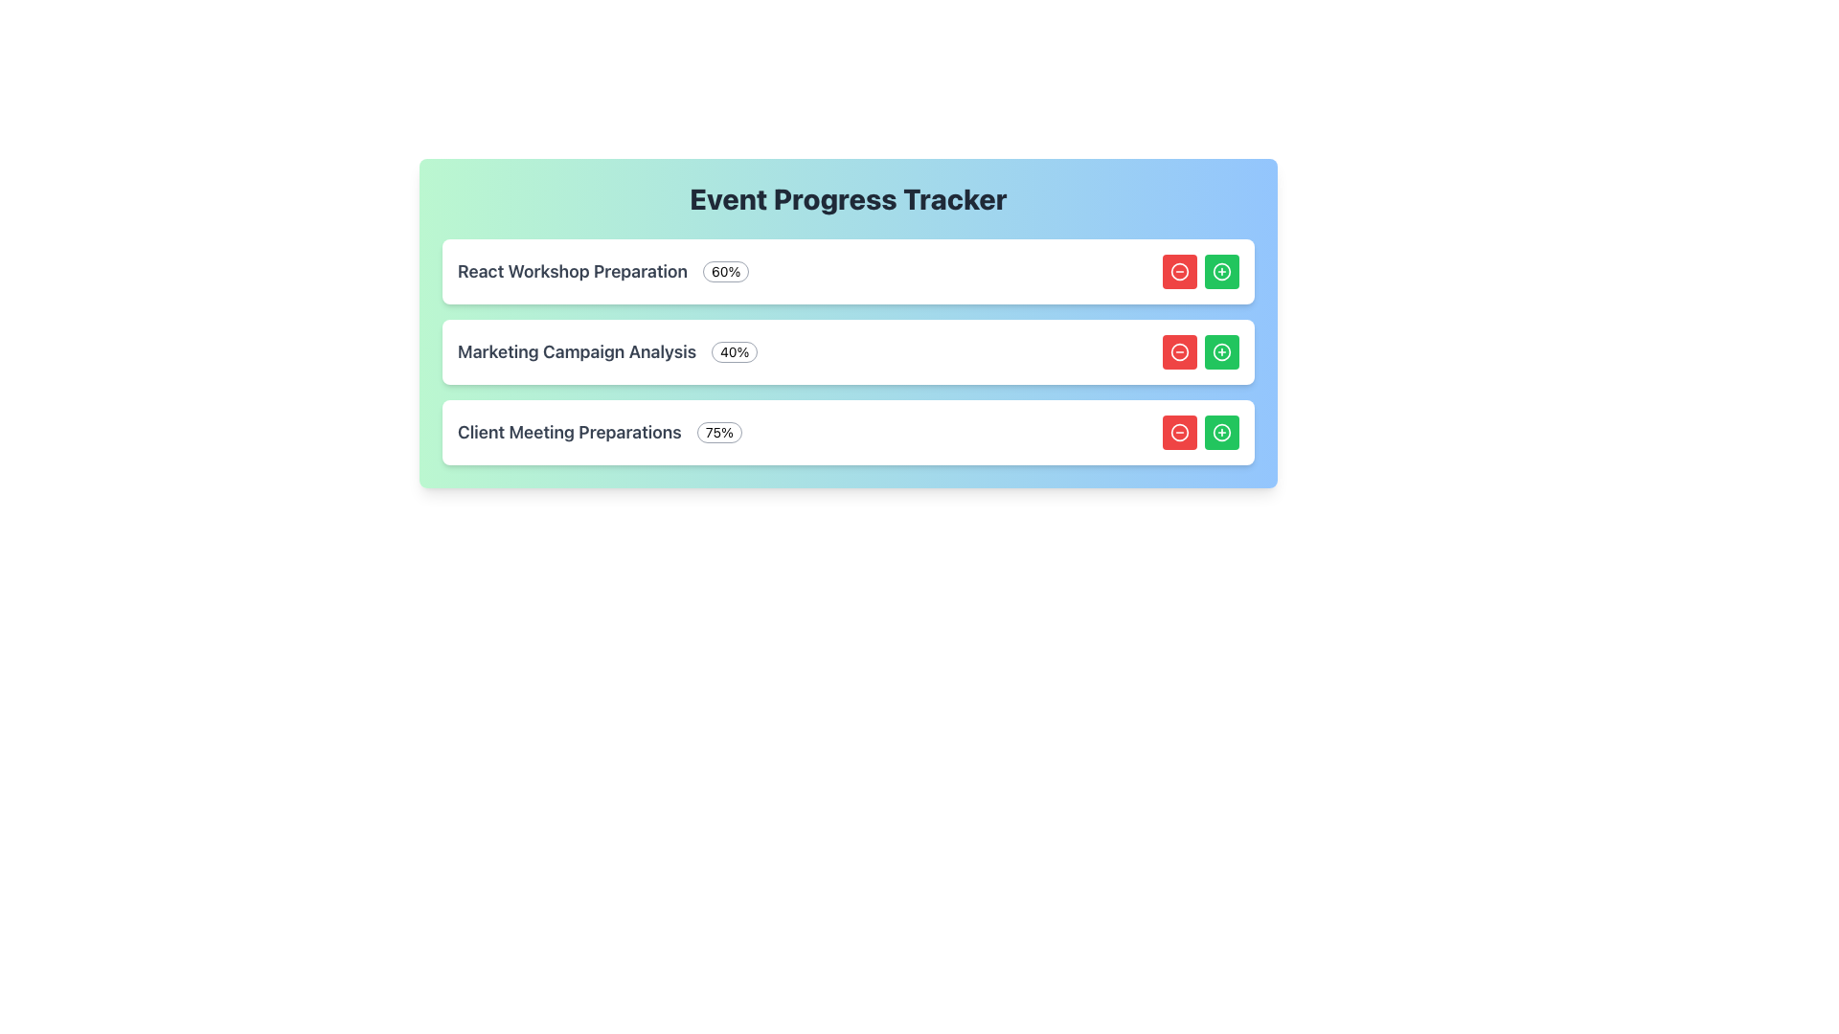 The height and width of the screenshot is (1034, 1839). I want to click on the red circular button with a white inner stroke indicating a subtraction operation, located in the third row next to the green plus button and aligned with 'Client Meeting Preparations', so click(1179, 432).